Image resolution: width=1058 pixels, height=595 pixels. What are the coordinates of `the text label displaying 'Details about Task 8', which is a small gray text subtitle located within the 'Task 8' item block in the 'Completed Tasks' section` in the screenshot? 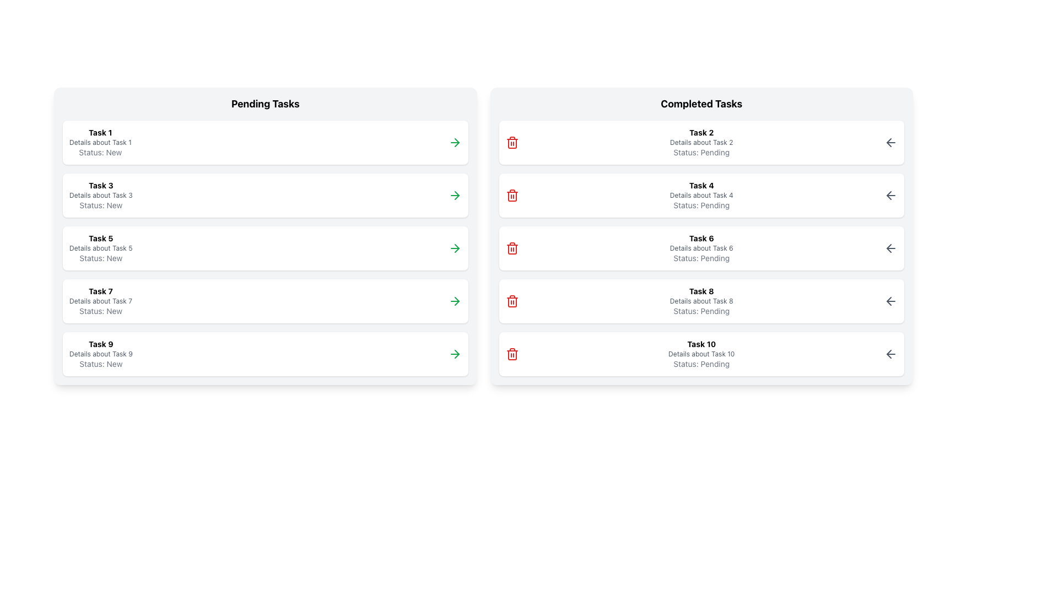 It's located at (701, 301).